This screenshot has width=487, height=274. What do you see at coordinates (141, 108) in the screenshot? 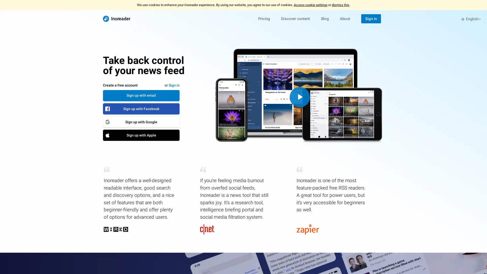
I see `Sign up with Facebook` at bounding box center [141, 108].